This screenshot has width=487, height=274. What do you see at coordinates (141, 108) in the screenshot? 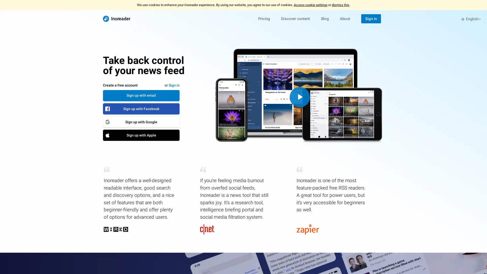
I see `Sign up with Facebook` at bounding box center [141, 108].